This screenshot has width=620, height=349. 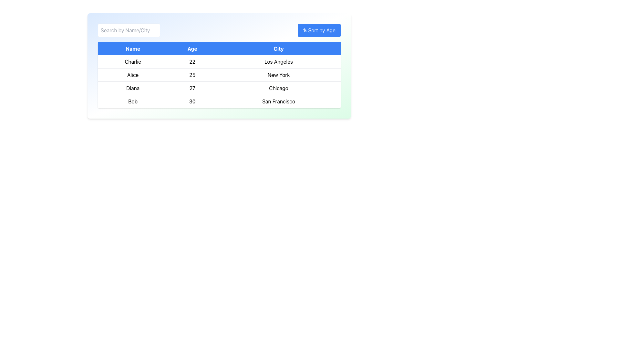 What do you see at coordinates (132, 101) in the screenshot?
I see `the Text Label displaying the name 'Bob' located in the fourth row of the 'Name' column in the table, which corresponds to age and city details` at bounding box center [132, 101].